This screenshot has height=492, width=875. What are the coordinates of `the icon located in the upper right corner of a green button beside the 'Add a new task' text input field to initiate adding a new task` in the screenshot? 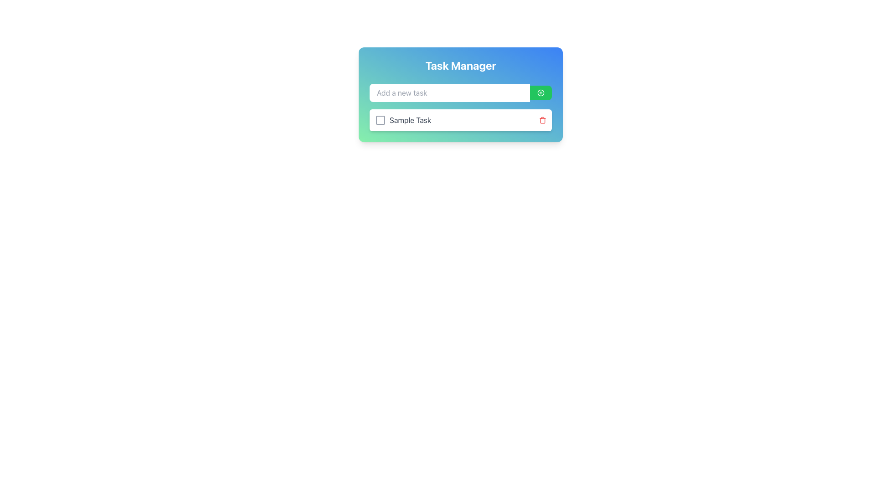 It's located at (540, 93).